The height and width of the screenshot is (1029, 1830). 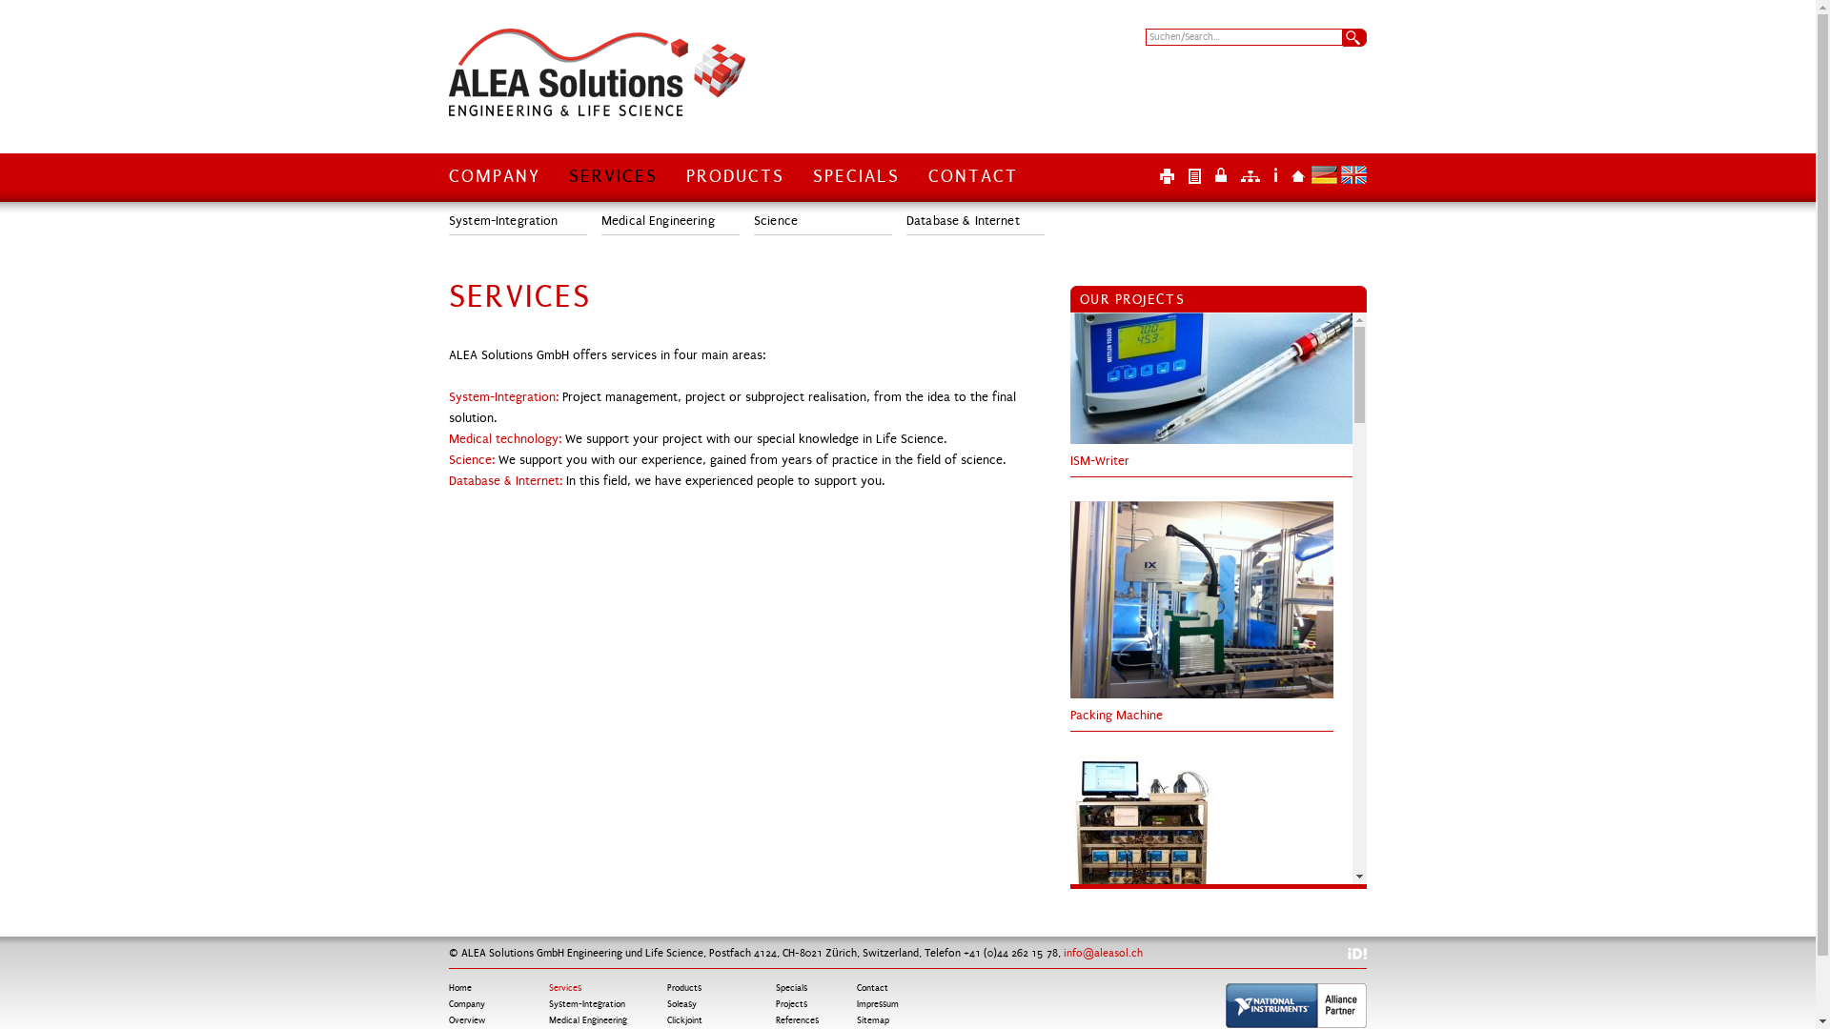 What do you see at coordinates (1339, 174) in the screenshot?
I see `'English'` at bounding box center [1339, 174].